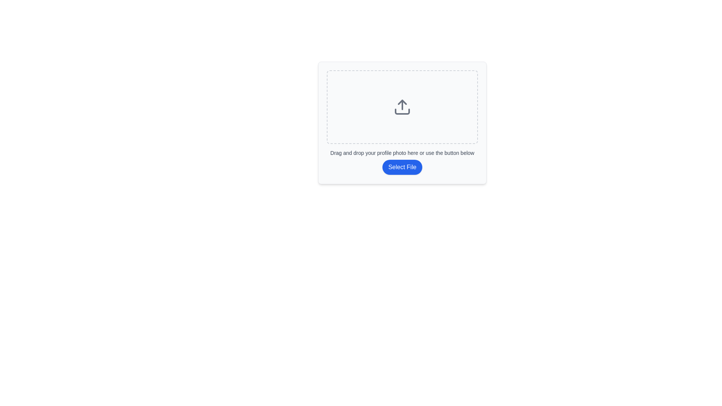 This screenshot has height=406, width=722. I want to click on the blue 'Select File' button with rounded edges, so click(402, 167).